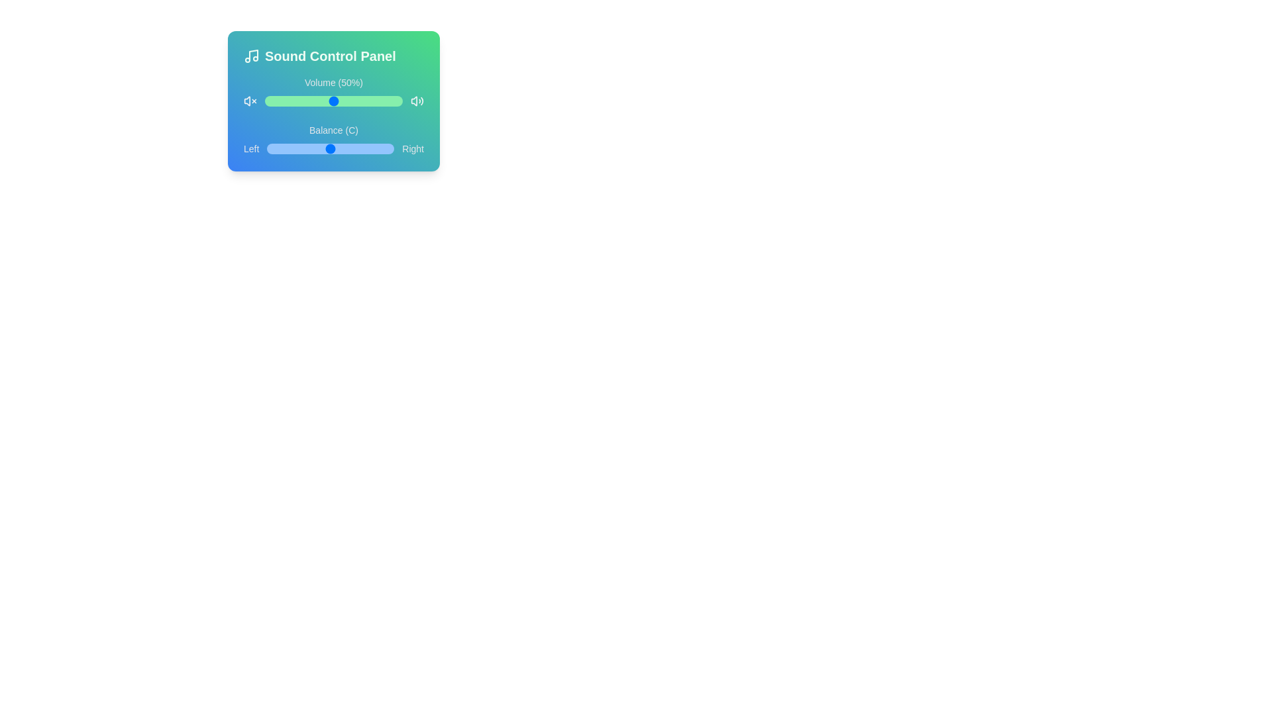 The width and height of the screenshot is (1272, 715). Describe the element at coordinates (250, 101) in the screenshot. I see `the muted speaker icon located at the leftmost side of the top row within the Sound Control Panel` at that location.